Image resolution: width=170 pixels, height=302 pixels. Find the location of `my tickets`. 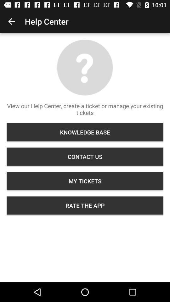

my tickets is located at coordinates (85, 181).